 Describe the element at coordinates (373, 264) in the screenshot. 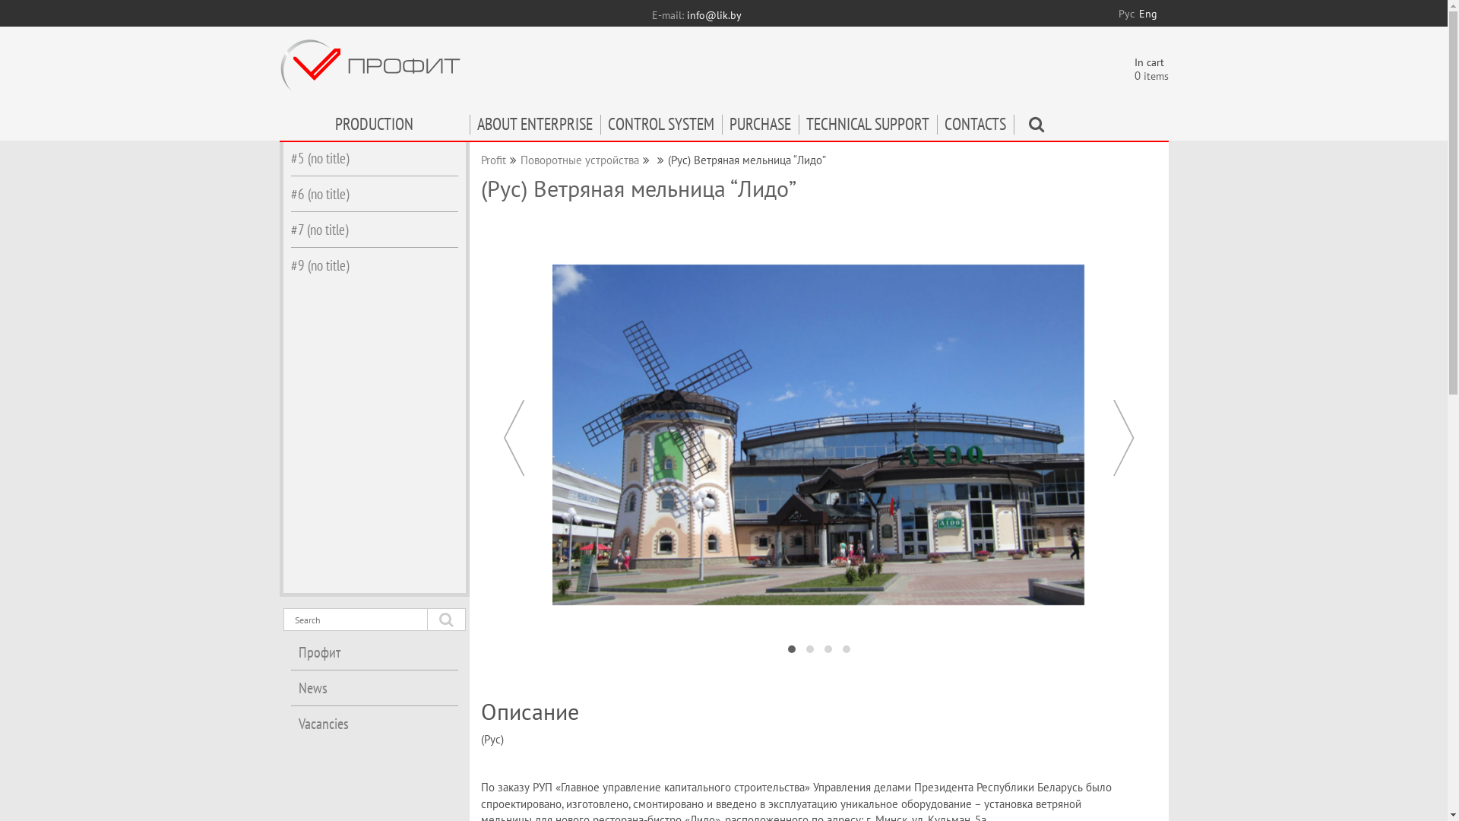

I see `'#9 (no title)'` at that location.